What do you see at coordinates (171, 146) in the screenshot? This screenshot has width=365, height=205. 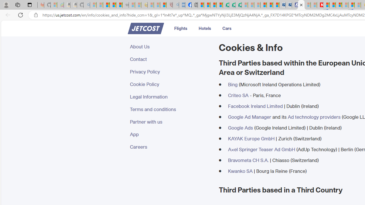 I see `'Careers'` at bounding box center [171, 146].